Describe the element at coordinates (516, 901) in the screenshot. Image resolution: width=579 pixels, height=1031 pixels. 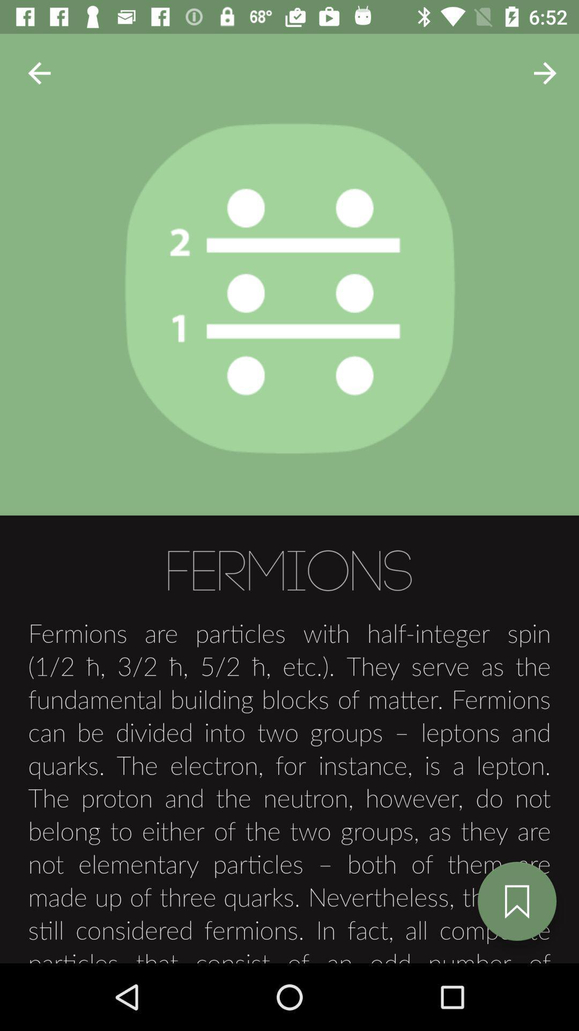
I see `button to bookmark` at that location.